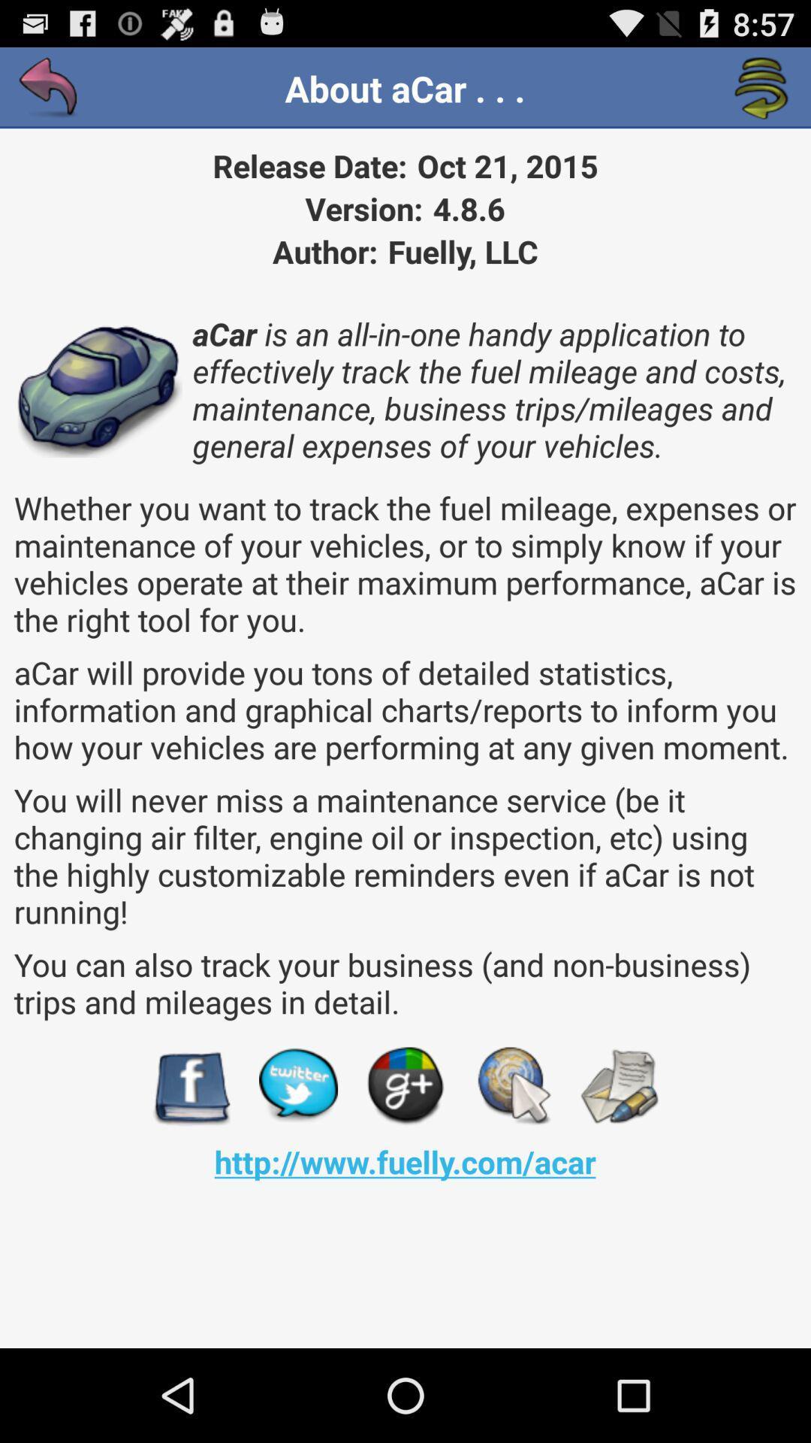 The width and height of the screenshot is (811, 1443). Describe the element at coordinates (298, 1086) in the screenshot. I see `open up twitter page` at that location.